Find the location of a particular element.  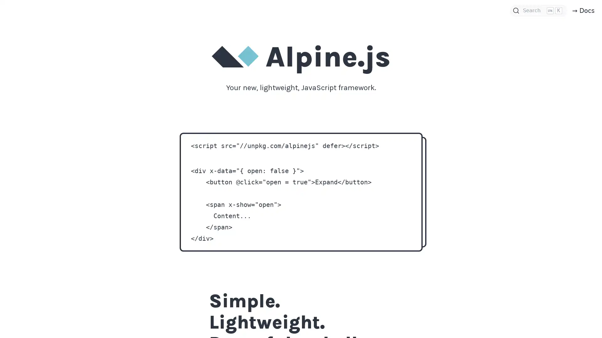

Search is located at coordinates (538, 11).